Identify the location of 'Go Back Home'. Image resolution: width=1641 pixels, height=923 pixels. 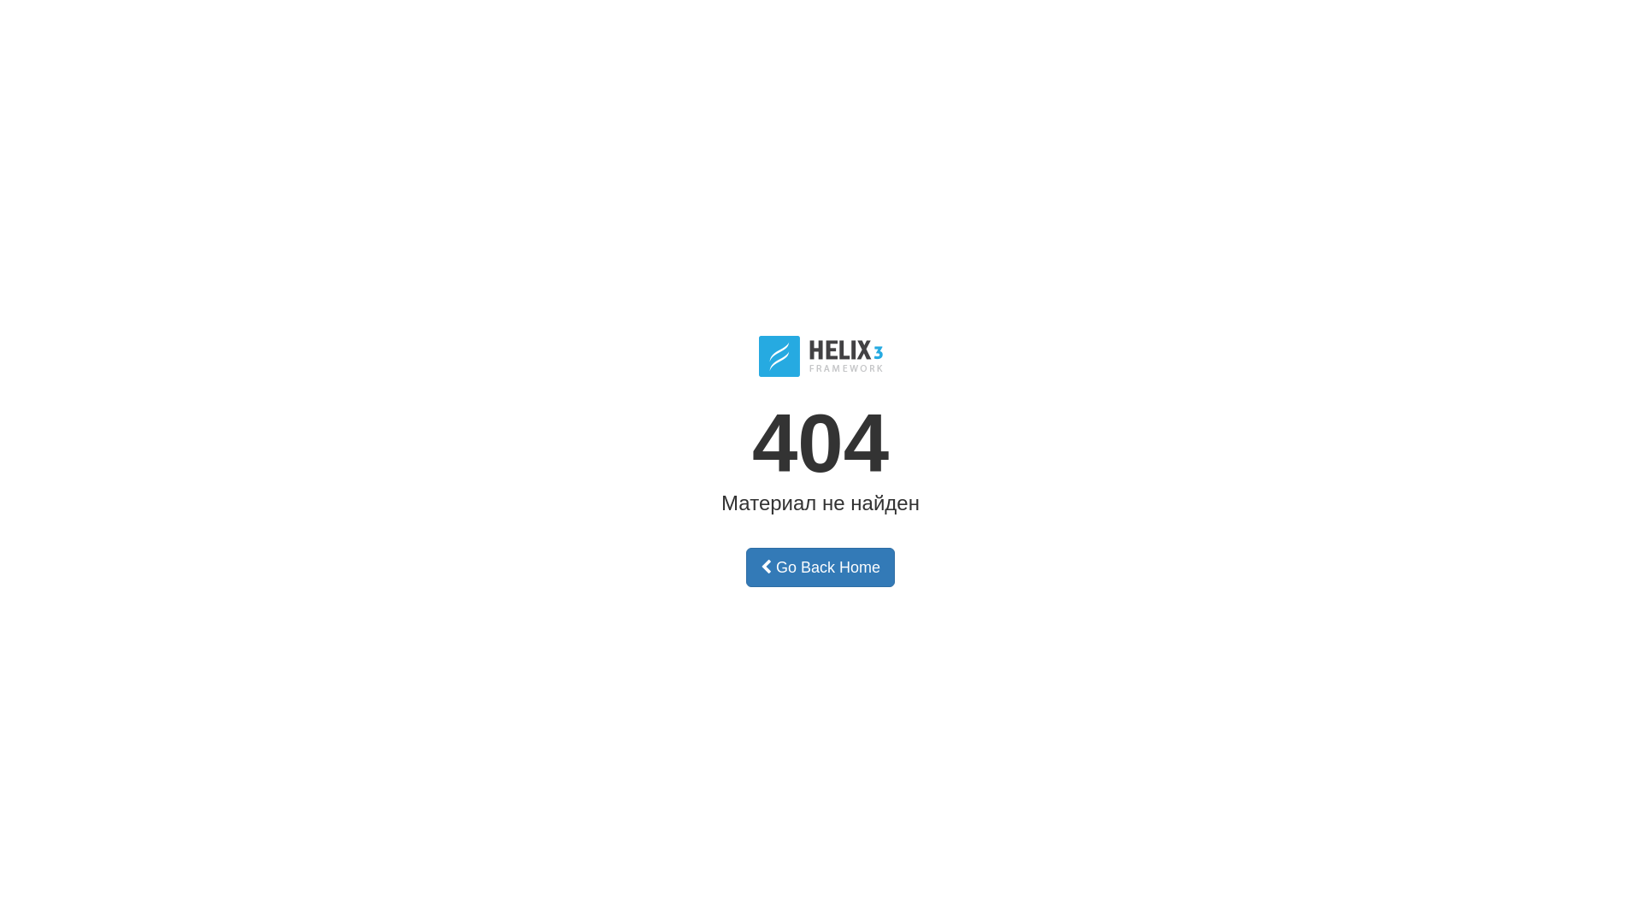
(820, 567).